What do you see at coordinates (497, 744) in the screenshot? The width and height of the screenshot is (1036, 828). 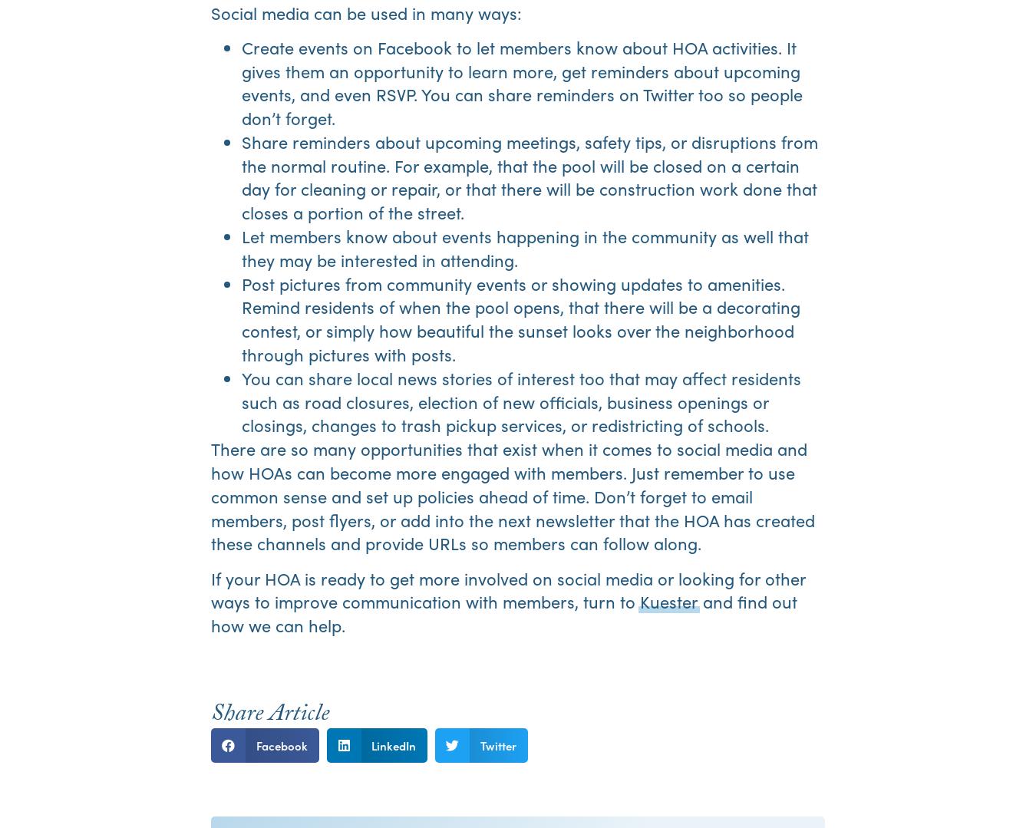 I see `'Twitter'` at bounding box center [497, 744].